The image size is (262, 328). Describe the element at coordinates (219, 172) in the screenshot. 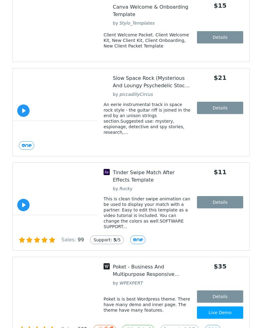

I see `'$11'` at that location.